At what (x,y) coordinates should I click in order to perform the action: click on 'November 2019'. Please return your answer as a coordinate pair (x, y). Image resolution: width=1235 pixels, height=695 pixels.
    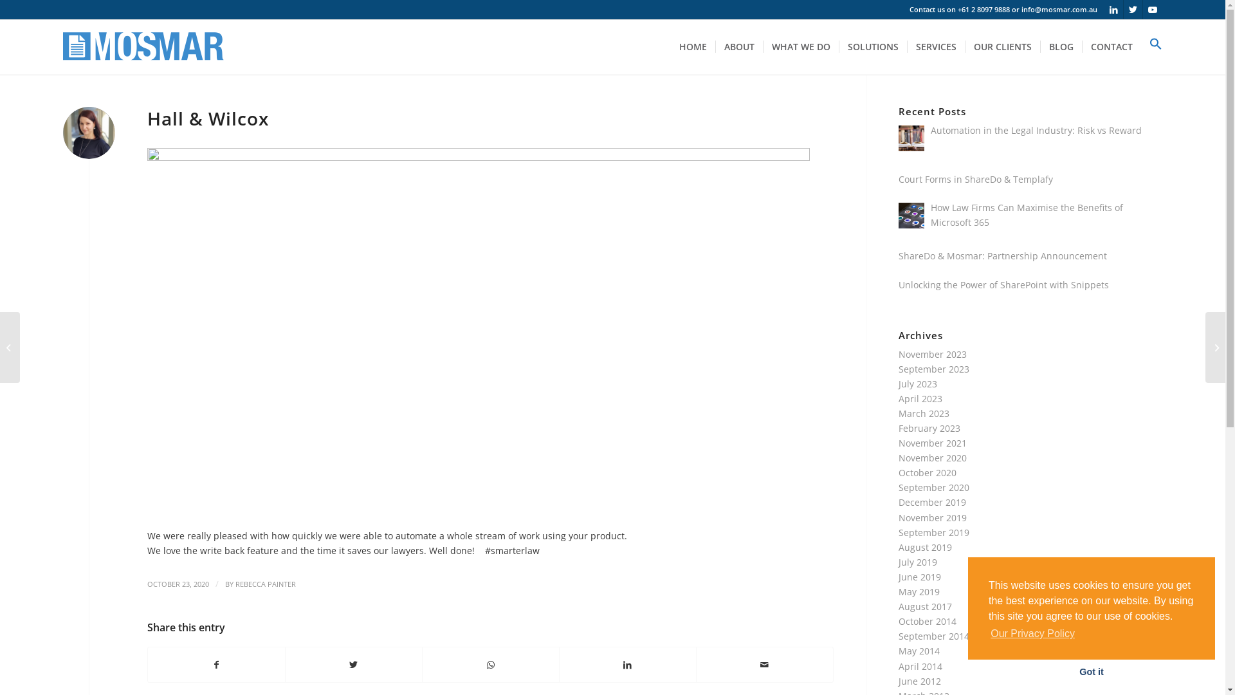
    Looking at the image, I should click on (932, 517).